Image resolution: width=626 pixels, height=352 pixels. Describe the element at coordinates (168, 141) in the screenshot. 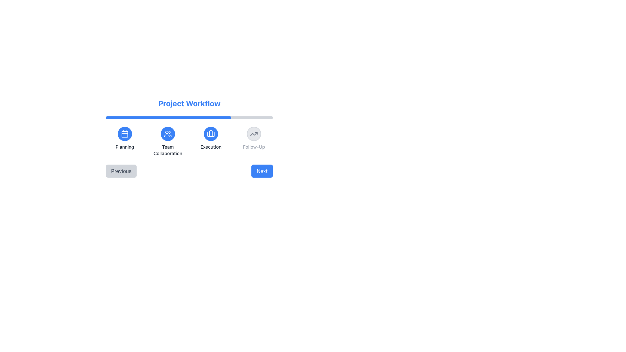

I see `the second item in the grid of the Interactive Step Indicator, which represents the 'Team Collaboration' stage of the workflow` at that location.